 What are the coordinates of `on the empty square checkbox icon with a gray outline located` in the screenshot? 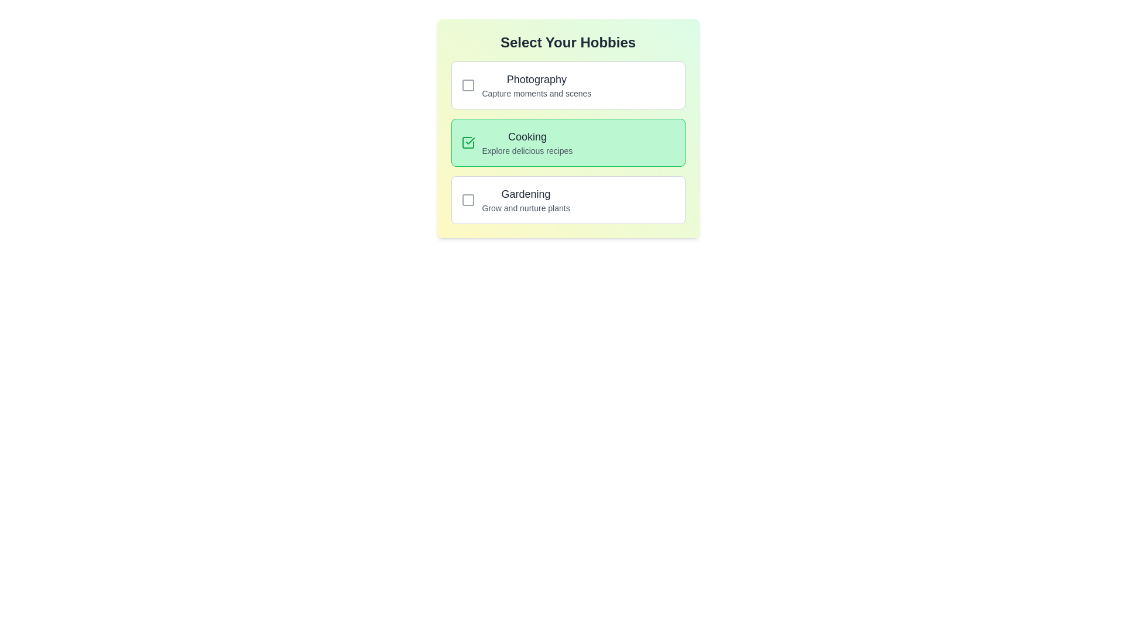 It's located at (467, 85).